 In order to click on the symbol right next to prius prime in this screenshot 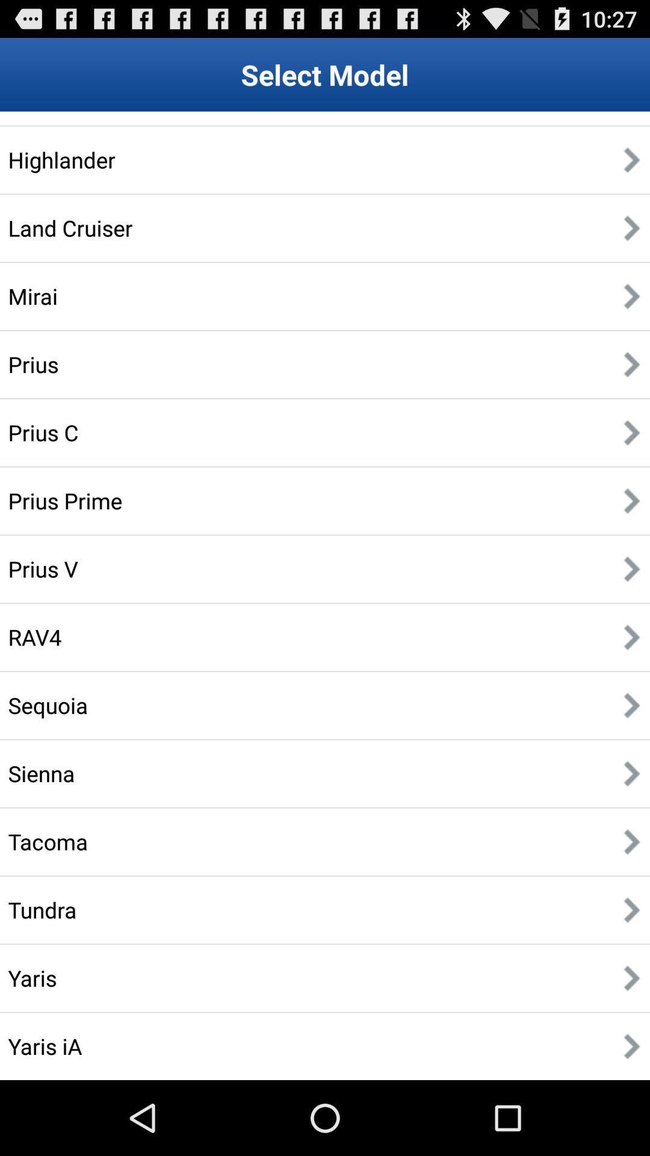, I will do `click(631, 501)`.